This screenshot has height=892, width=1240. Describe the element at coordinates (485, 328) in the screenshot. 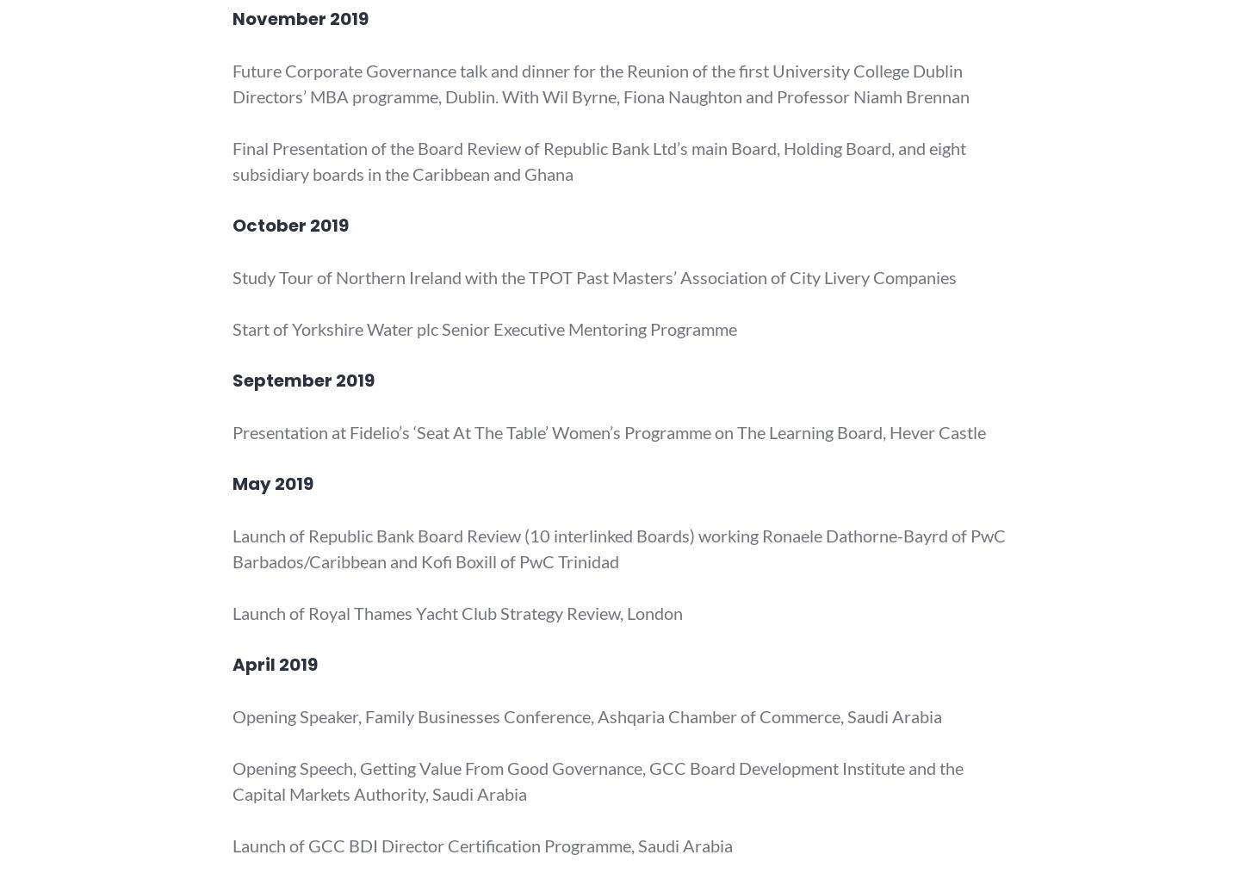

I see `'Start of Yorkshire Water plc Senior Executive Mentoring Programme'` at that location.